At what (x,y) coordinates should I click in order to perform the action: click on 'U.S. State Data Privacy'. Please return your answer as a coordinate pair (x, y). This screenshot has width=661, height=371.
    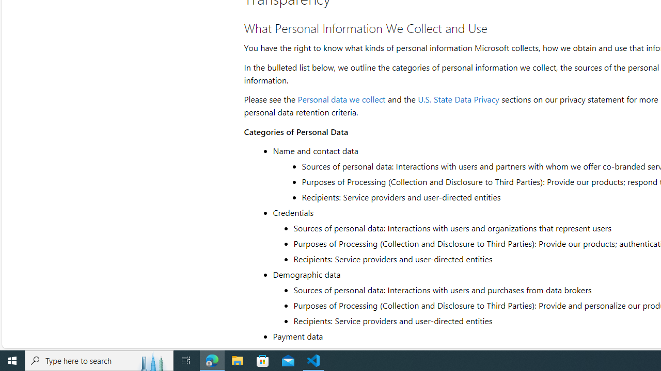
    Looking at the image, I should click on (458, 99).